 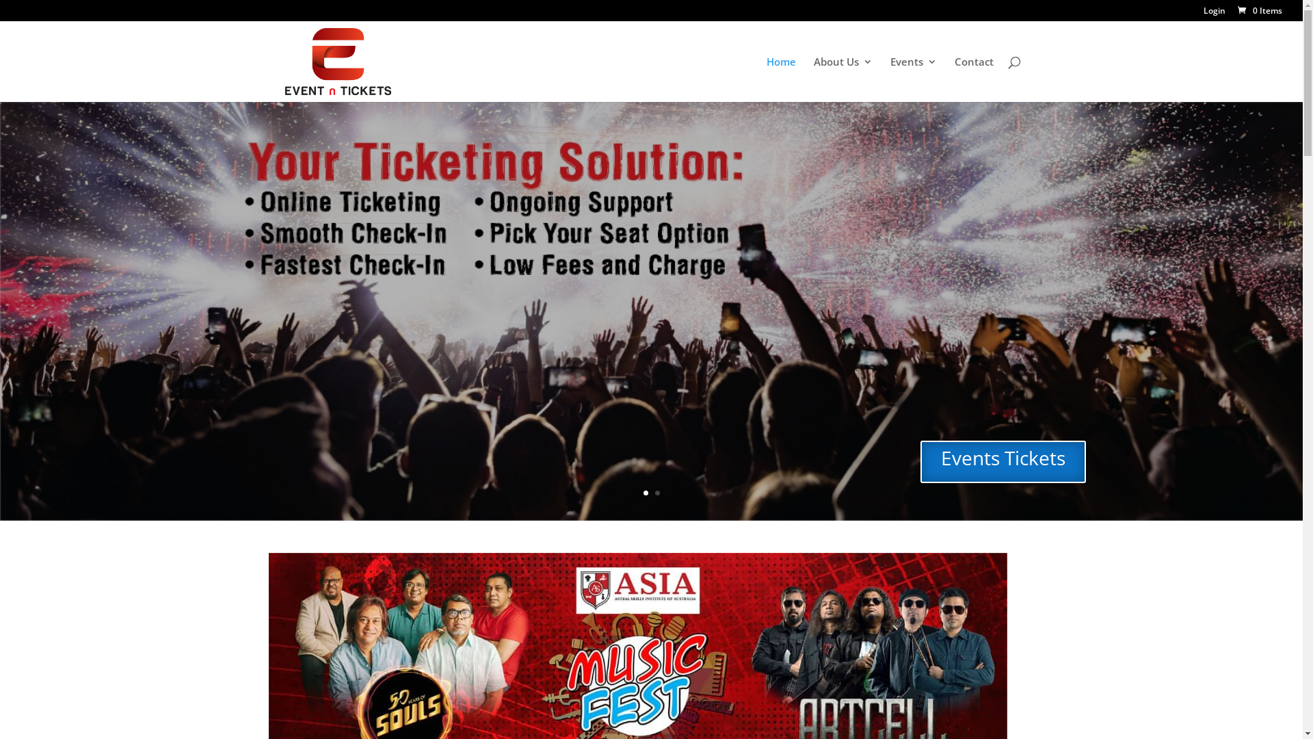 I want to click on 'Events Tickets', so click(x=1003, y=462).